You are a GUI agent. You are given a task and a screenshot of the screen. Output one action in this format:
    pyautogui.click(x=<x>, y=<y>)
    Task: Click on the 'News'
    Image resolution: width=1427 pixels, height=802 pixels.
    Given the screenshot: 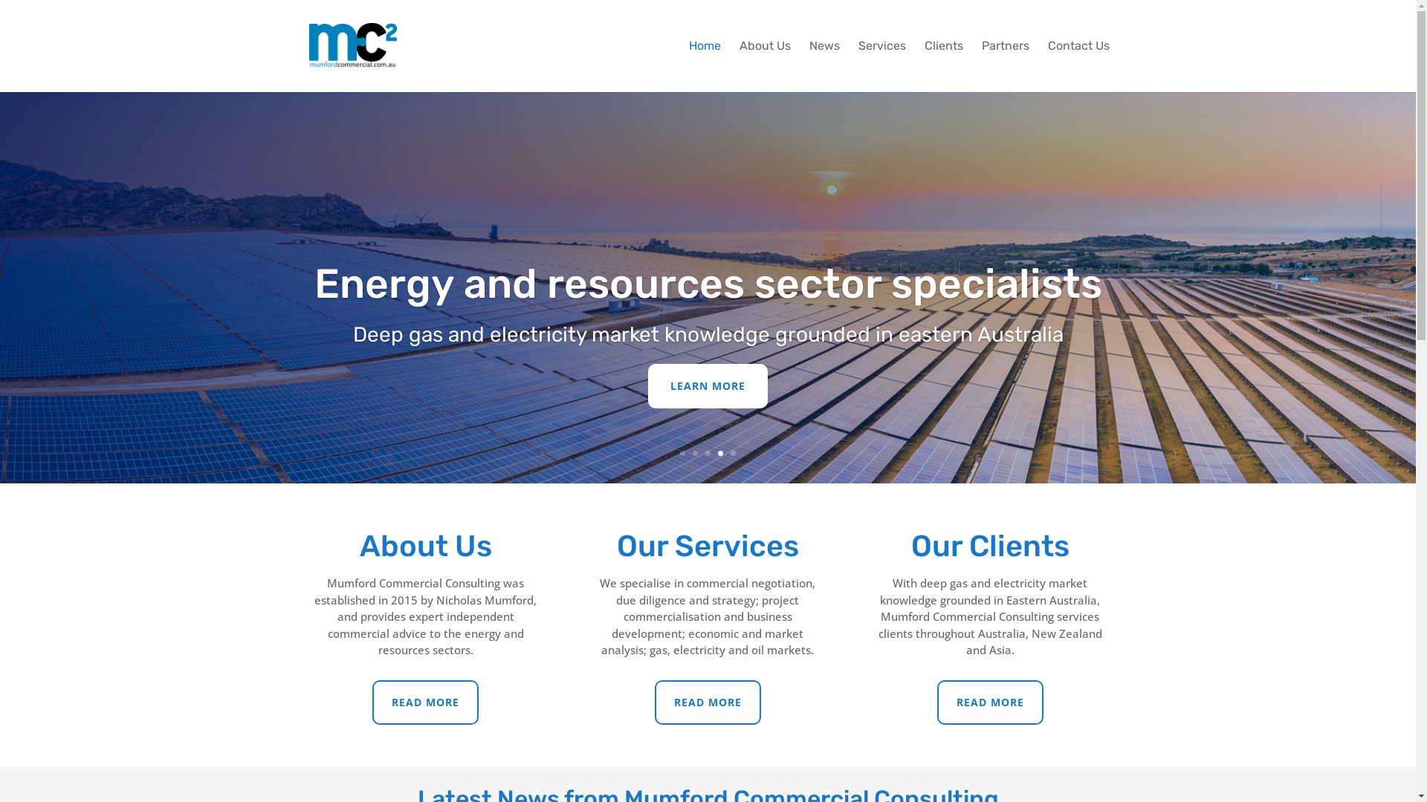 What is the action you would take?
    pyautogui.click(x=823, y=65)
    